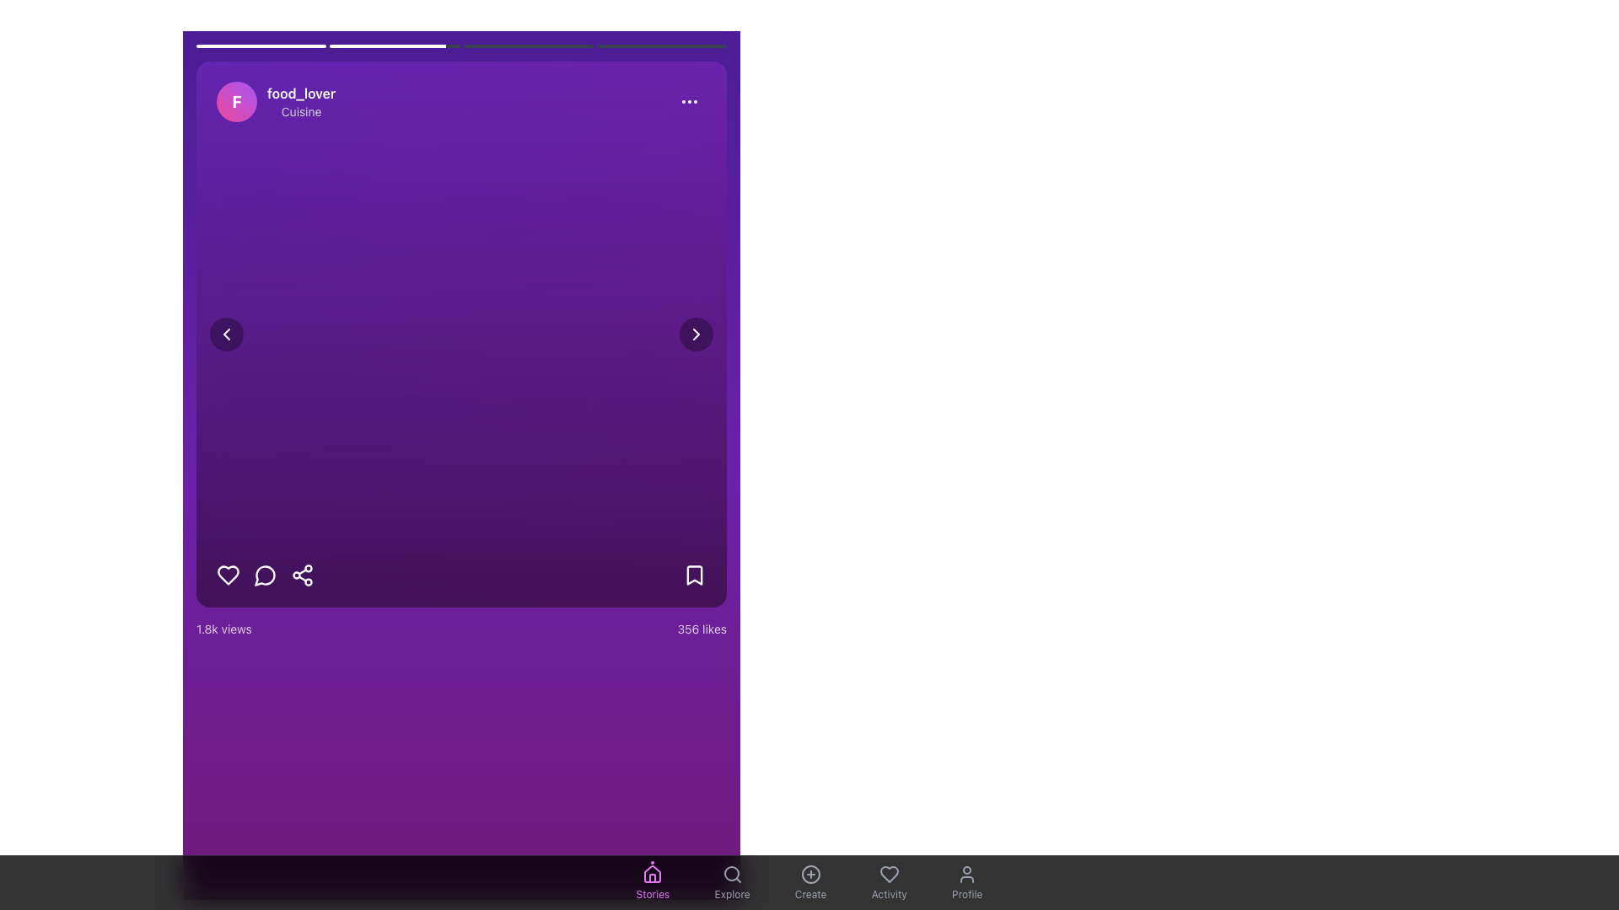 This screenshot has width=1619, height=910. What do you see at coordinates (265, 574) in the screenshot?
I see `the second icon resembling a speech bubble, which is located at the bottom left of the main content area` at bounding box center [265, 574].